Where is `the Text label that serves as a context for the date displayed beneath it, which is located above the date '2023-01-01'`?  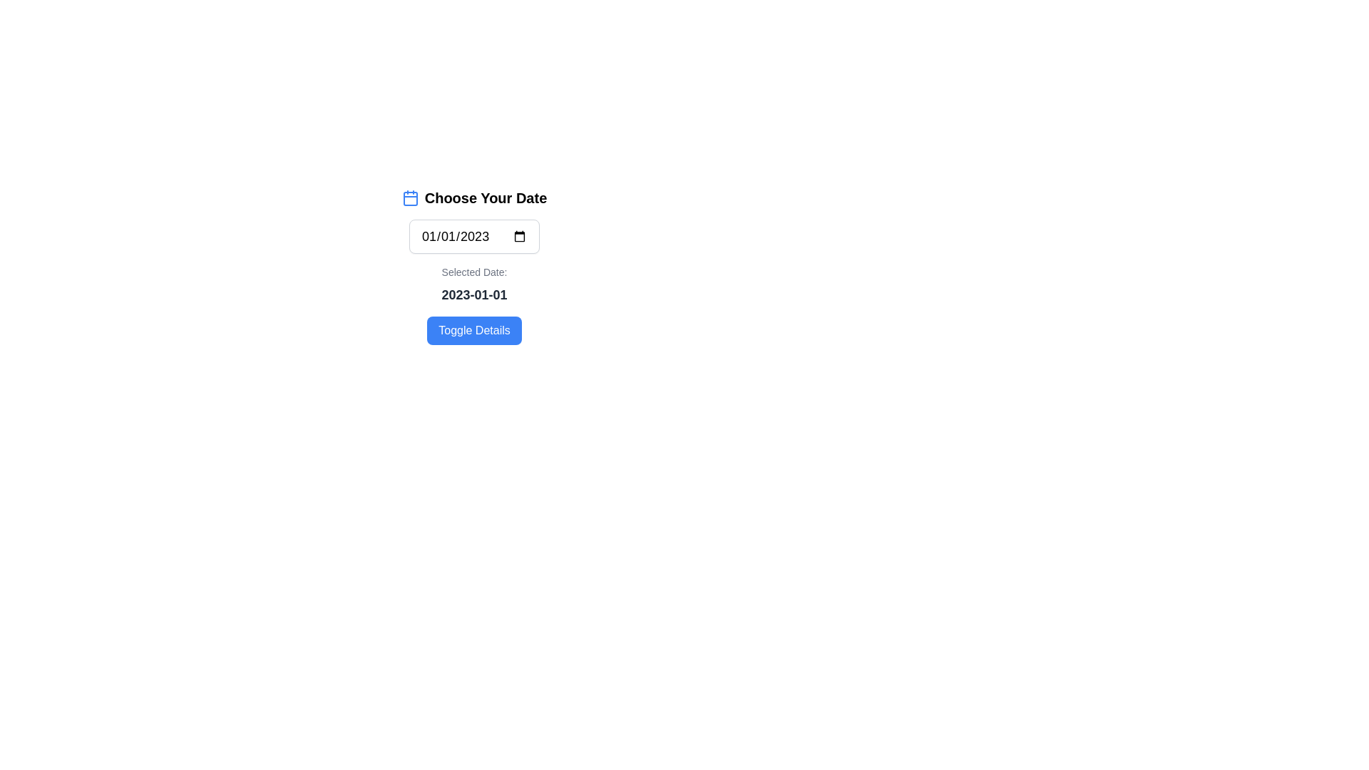
the Text label that serves as a context for the date displayed beneath it, which is located above the date '2023-01-01' is located at coordinates (474, 272).